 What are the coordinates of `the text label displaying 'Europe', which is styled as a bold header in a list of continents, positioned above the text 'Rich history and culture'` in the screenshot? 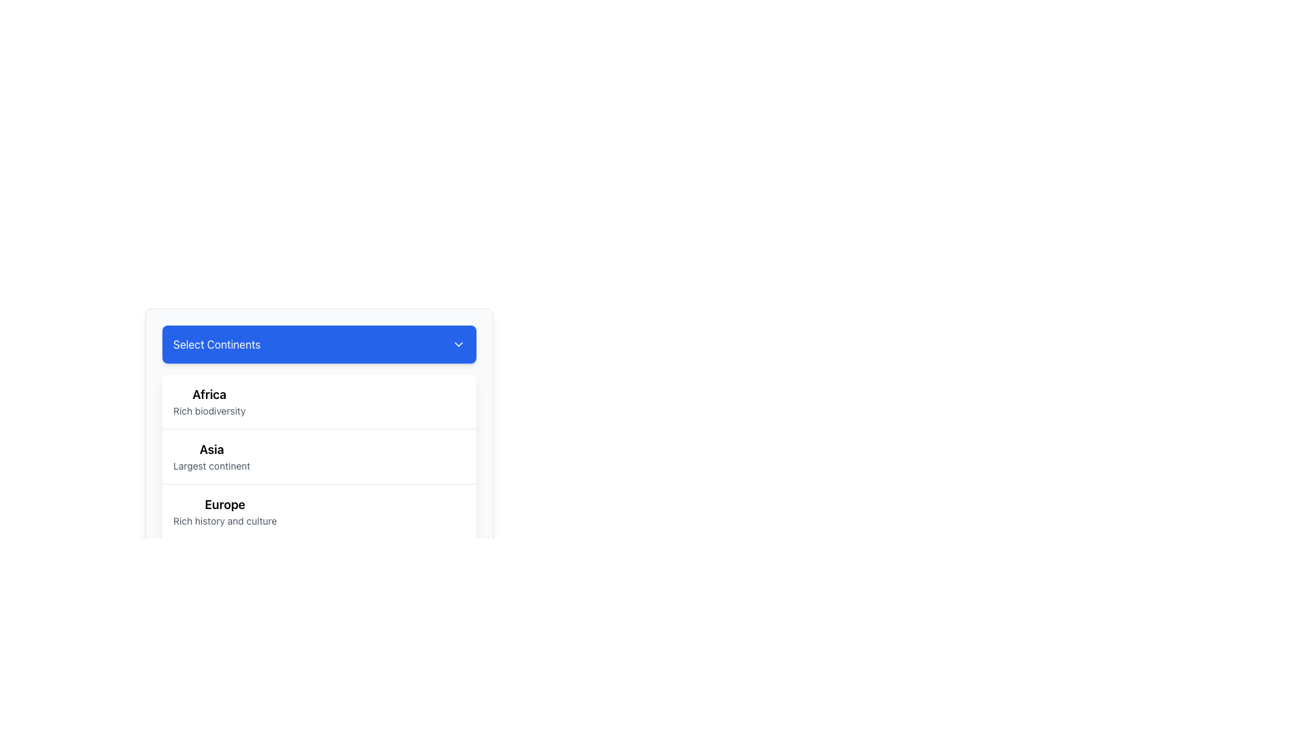 It's located at (225, 505).